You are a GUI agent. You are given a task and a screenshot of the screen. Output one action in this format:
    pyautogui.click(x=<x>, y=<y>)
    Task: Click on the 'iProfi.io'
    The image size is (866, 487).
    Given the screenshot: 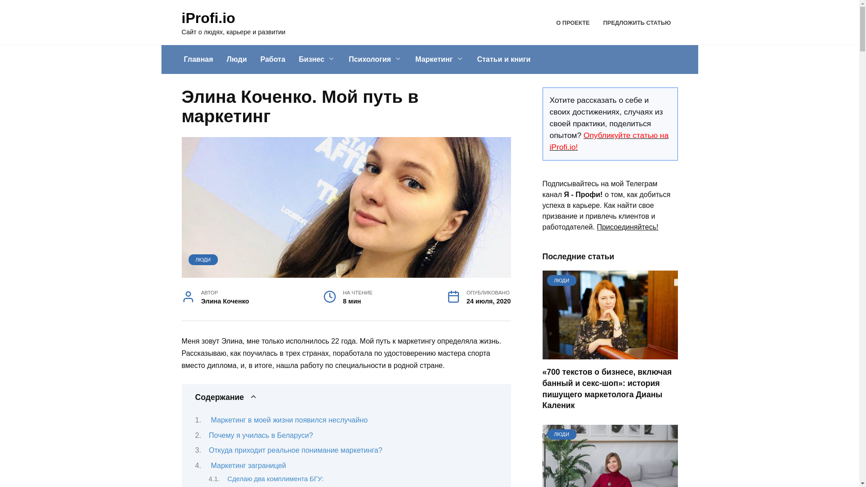 What is the action you would take?
    pyautogui.click(x=207, y=18)
    